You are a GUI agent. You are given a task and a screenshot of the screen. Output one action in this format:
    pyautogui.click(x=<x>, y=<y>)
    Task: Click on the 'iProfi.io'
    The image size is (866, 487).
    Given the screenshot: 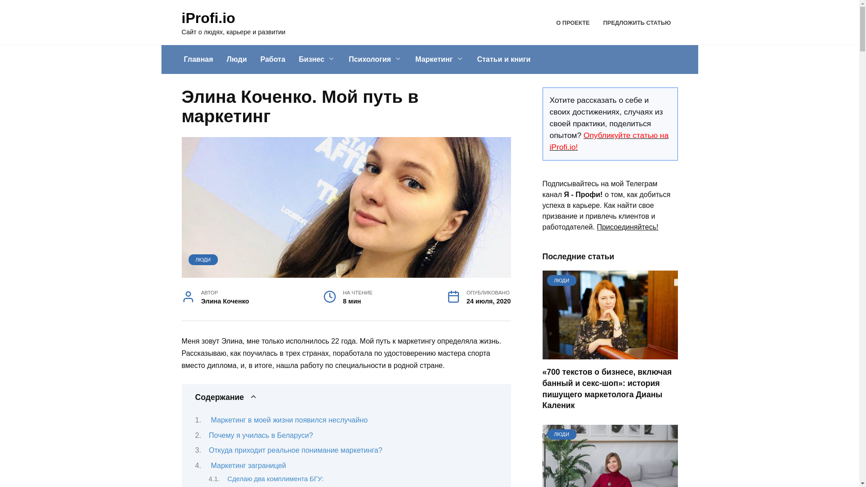 What is the action you would take?
    pyautogui.click(x=207, y=18)
    